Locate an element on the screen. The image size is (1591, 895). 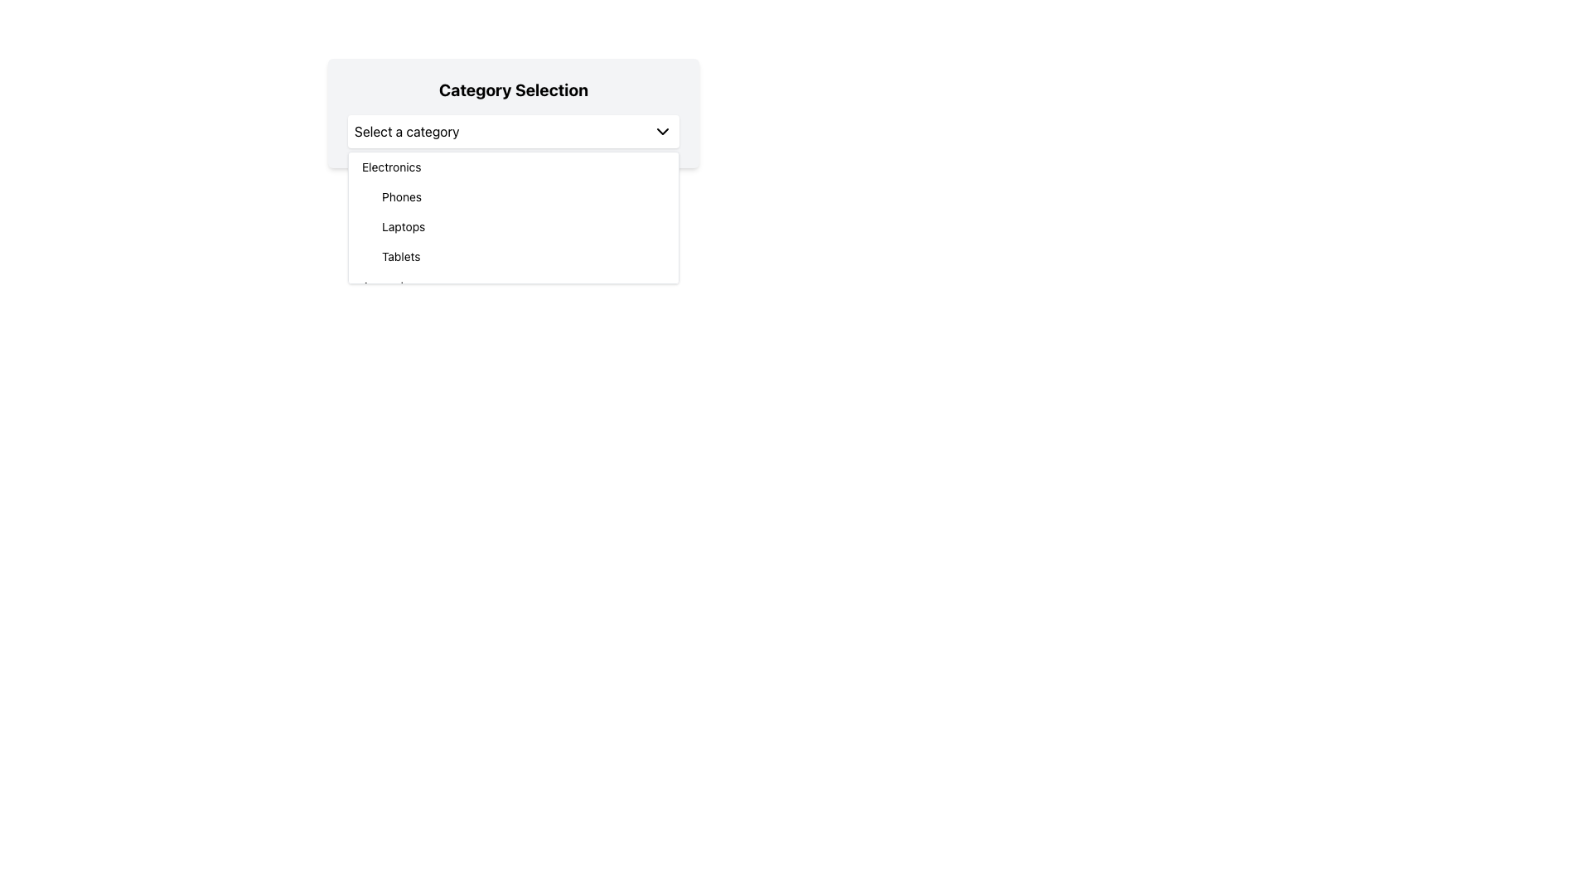
the 'Electronics' option in the dropdown menu under 'Category Selection' is located at coordinates (512, 167).